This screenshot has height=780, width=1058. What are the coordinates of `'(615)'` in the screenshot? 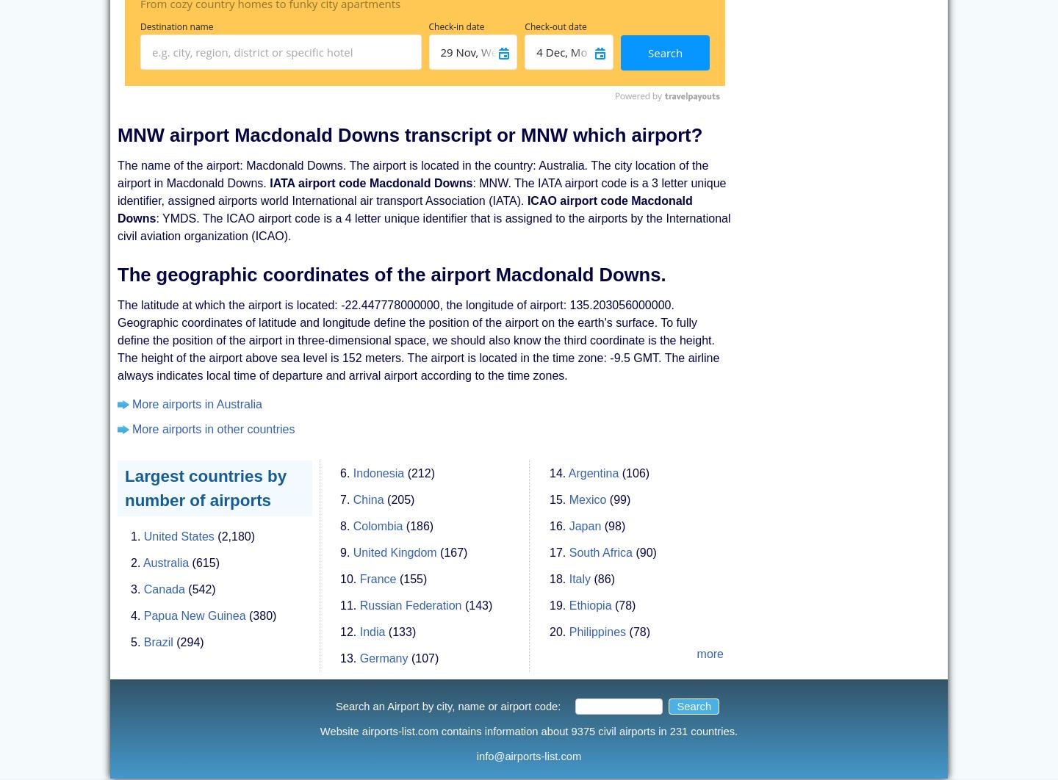 It's located at (204, 563).